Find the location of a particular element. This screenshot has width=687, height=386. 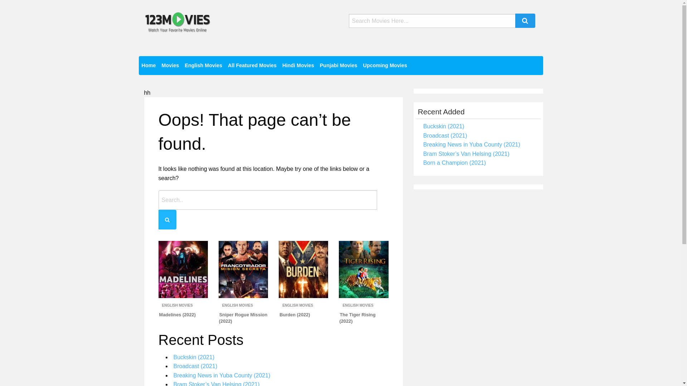

'Buckskin (2021)' is located at coordinates (443, 126).